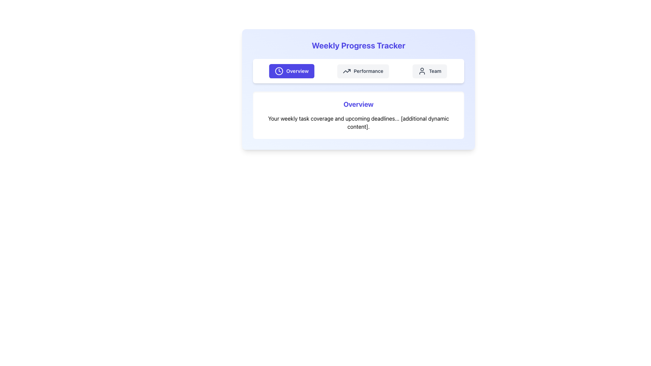  What do you see at coordinates (279, 71) in the screenshot?
I see `the design of the circular clock icon representing the 'Overview' tab, which is located within the button labeled 'Overview' at the top center of the interface` at bounding box center [279, 71].